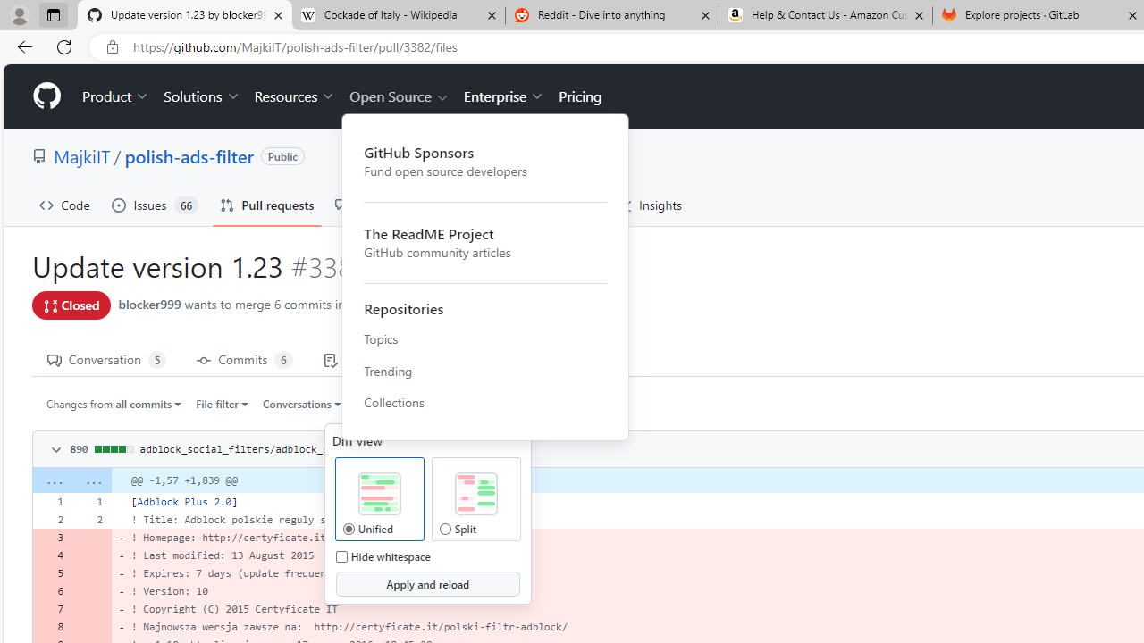  What do you see at coordinates (426, 584) in the screenshot?
I see `'Apply and reload'` at bounding box center [426, 584].